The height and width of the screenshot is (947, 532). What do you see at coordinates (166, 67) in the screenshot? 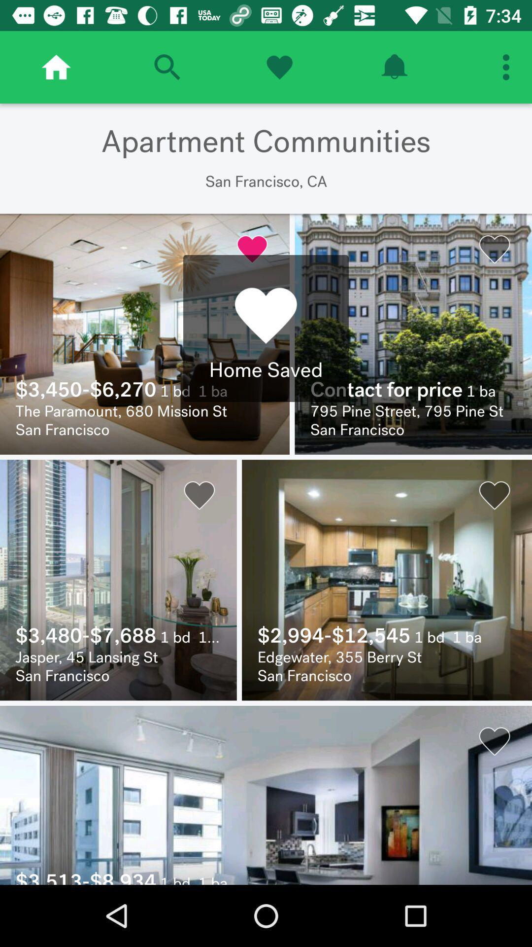
I see `search apartments` at bounding box center [166, 67].